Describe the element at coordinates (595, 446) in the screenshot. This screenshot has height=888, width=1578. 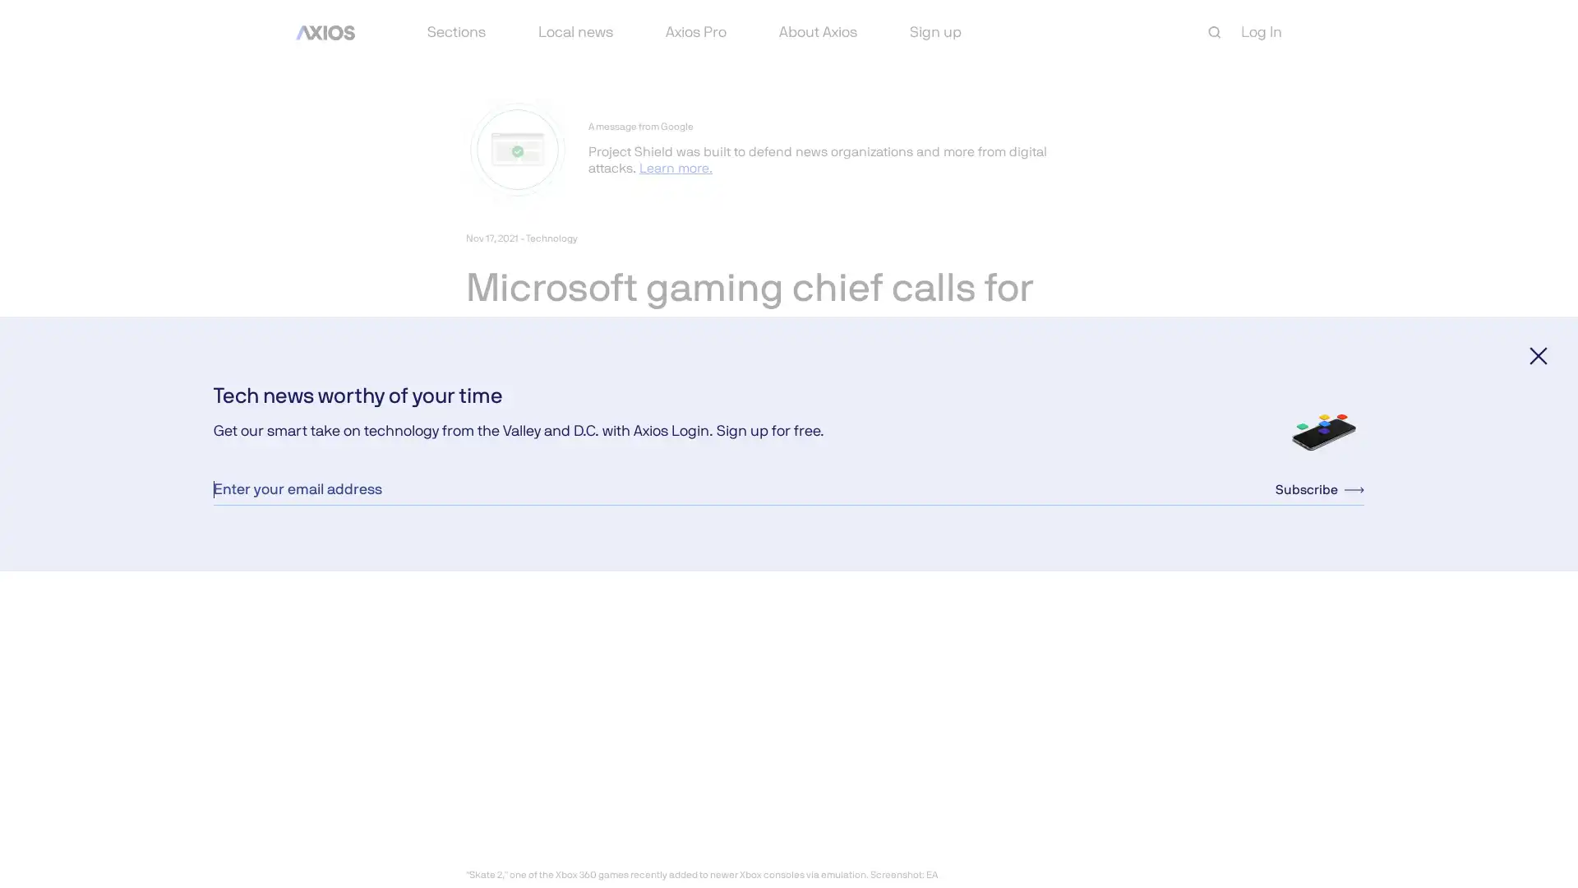
I see `email` at that location.